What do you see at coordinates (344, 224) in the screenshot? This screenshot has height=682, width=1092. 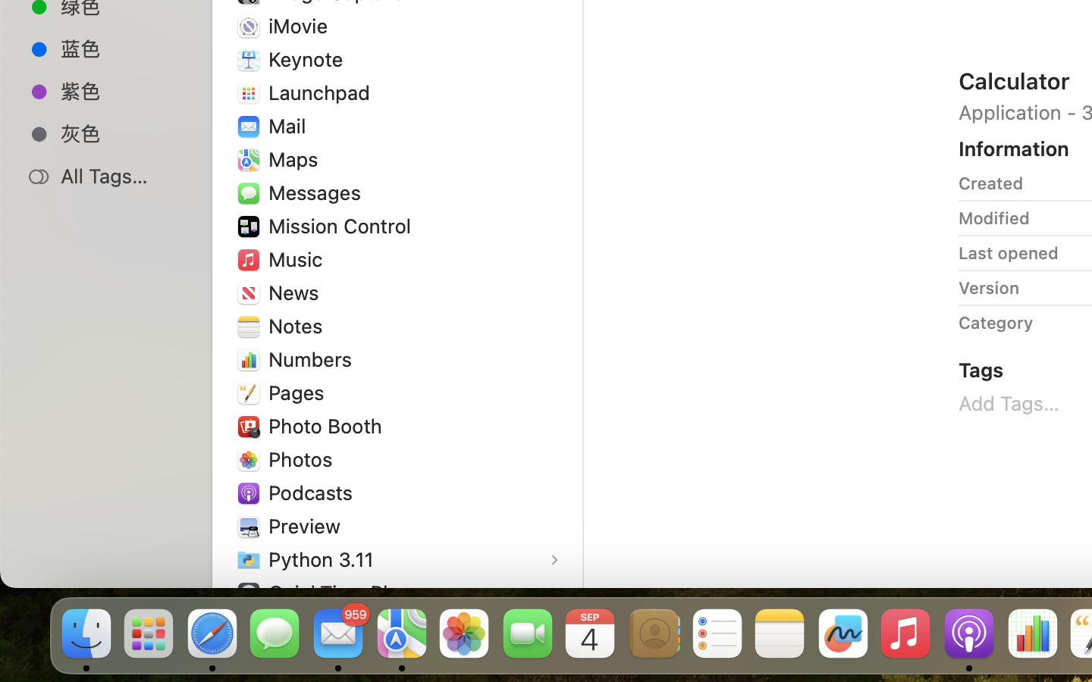 I see `'Mission Control'` at bounding box center [344, 224].